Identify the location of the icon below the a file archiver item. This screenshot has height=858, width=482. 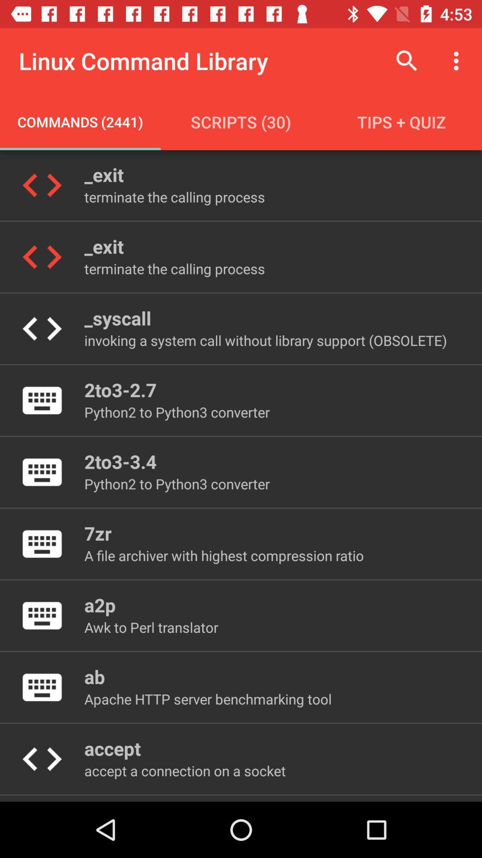
(100, 605).